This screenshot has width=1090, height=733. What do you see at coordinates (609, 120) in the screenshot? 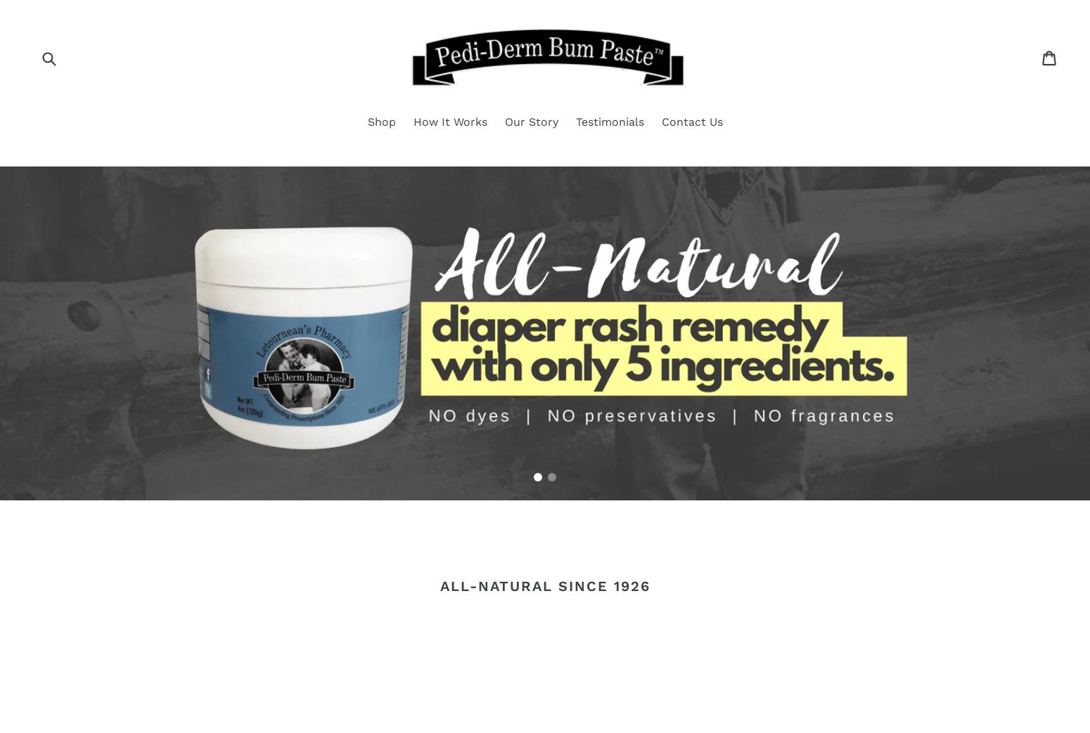
I see `'Testimonials'` at bounding box center [609, 120].